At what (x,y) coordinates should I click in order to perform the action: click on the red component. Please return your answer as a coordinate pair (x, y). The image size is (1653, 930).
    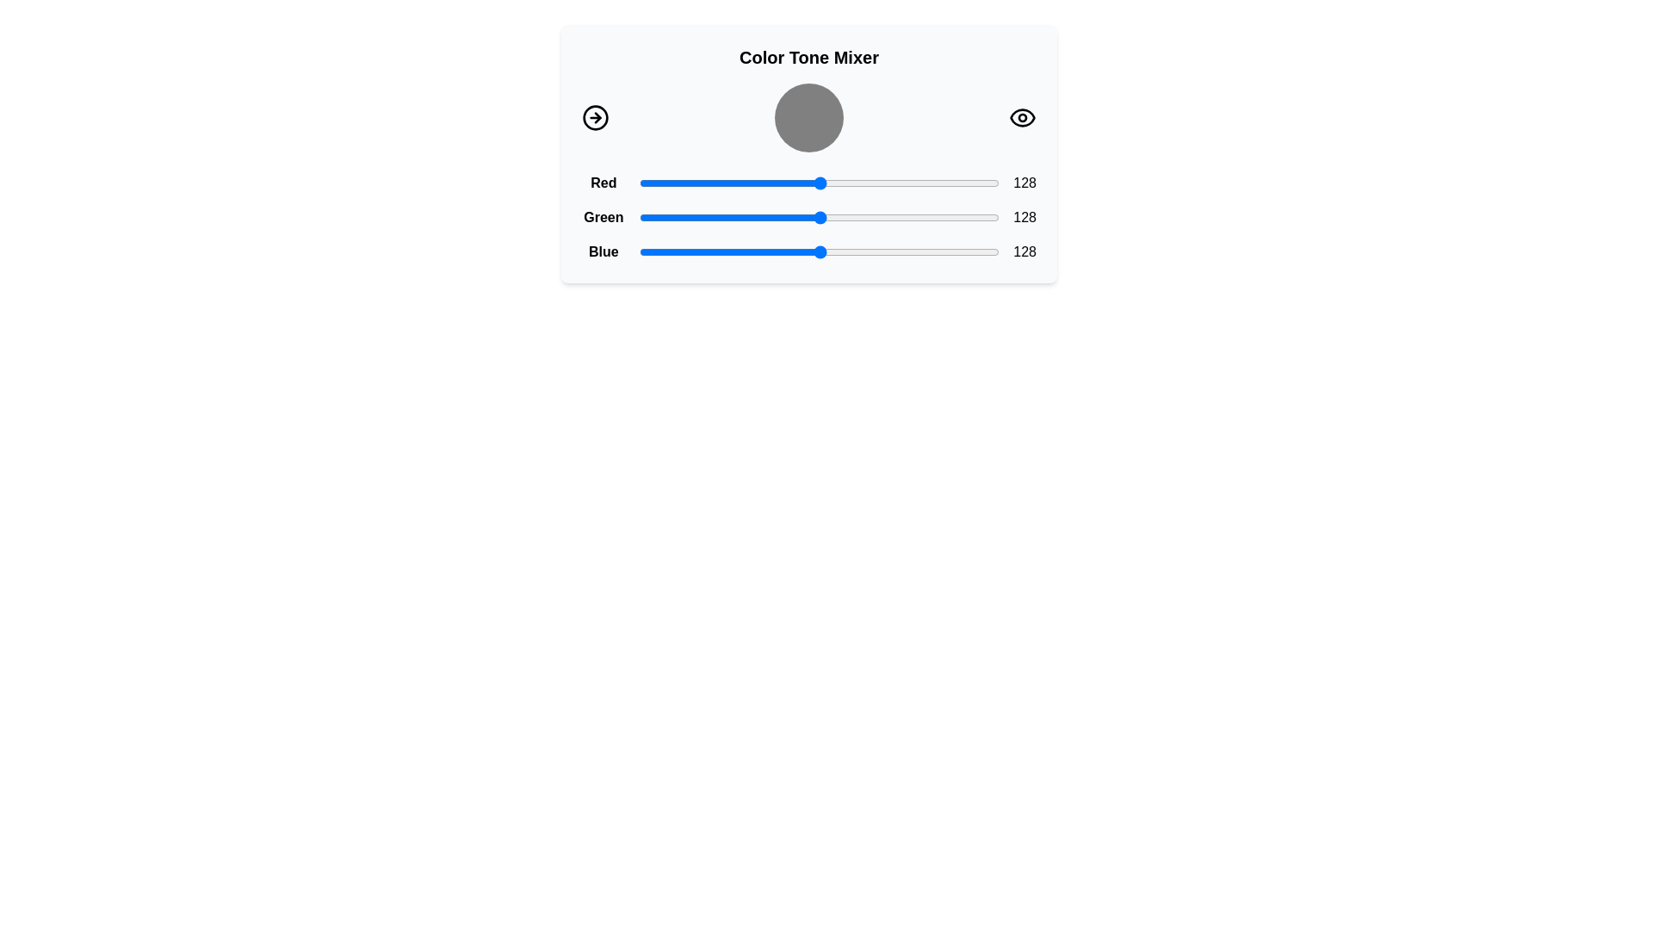
    Looking at the image, I should click on (744, 183).